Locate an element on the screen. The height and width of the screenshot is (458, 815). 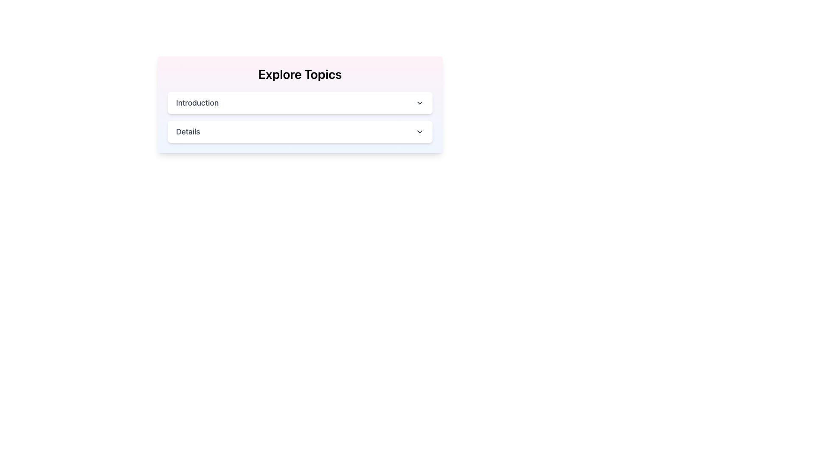
the collapsible component located below the title 'Explore Topics' to potentially reveal tooltips for each section is located at coordinates (300, 117).